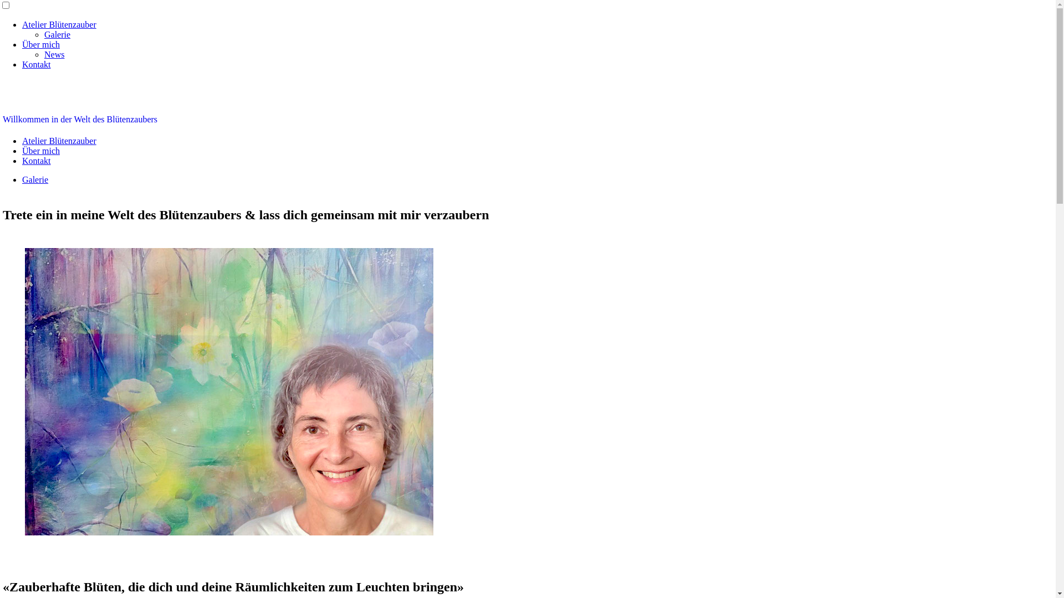 The width and height of the screenshot is (1064, 598). Describe the element at coordinates (53, 54) in the screenshot. I see `'News'` at that location.